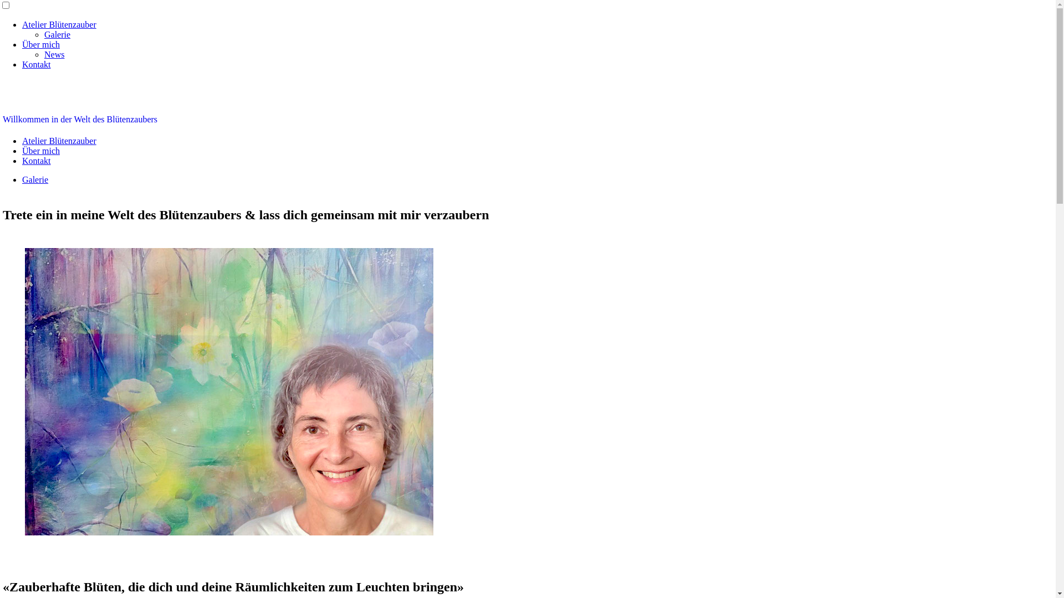 The width and height of the screenshot is (1064, 598). Describe the element at coordinates (53, 54) in the screenshot. I see `'News'` at that location.